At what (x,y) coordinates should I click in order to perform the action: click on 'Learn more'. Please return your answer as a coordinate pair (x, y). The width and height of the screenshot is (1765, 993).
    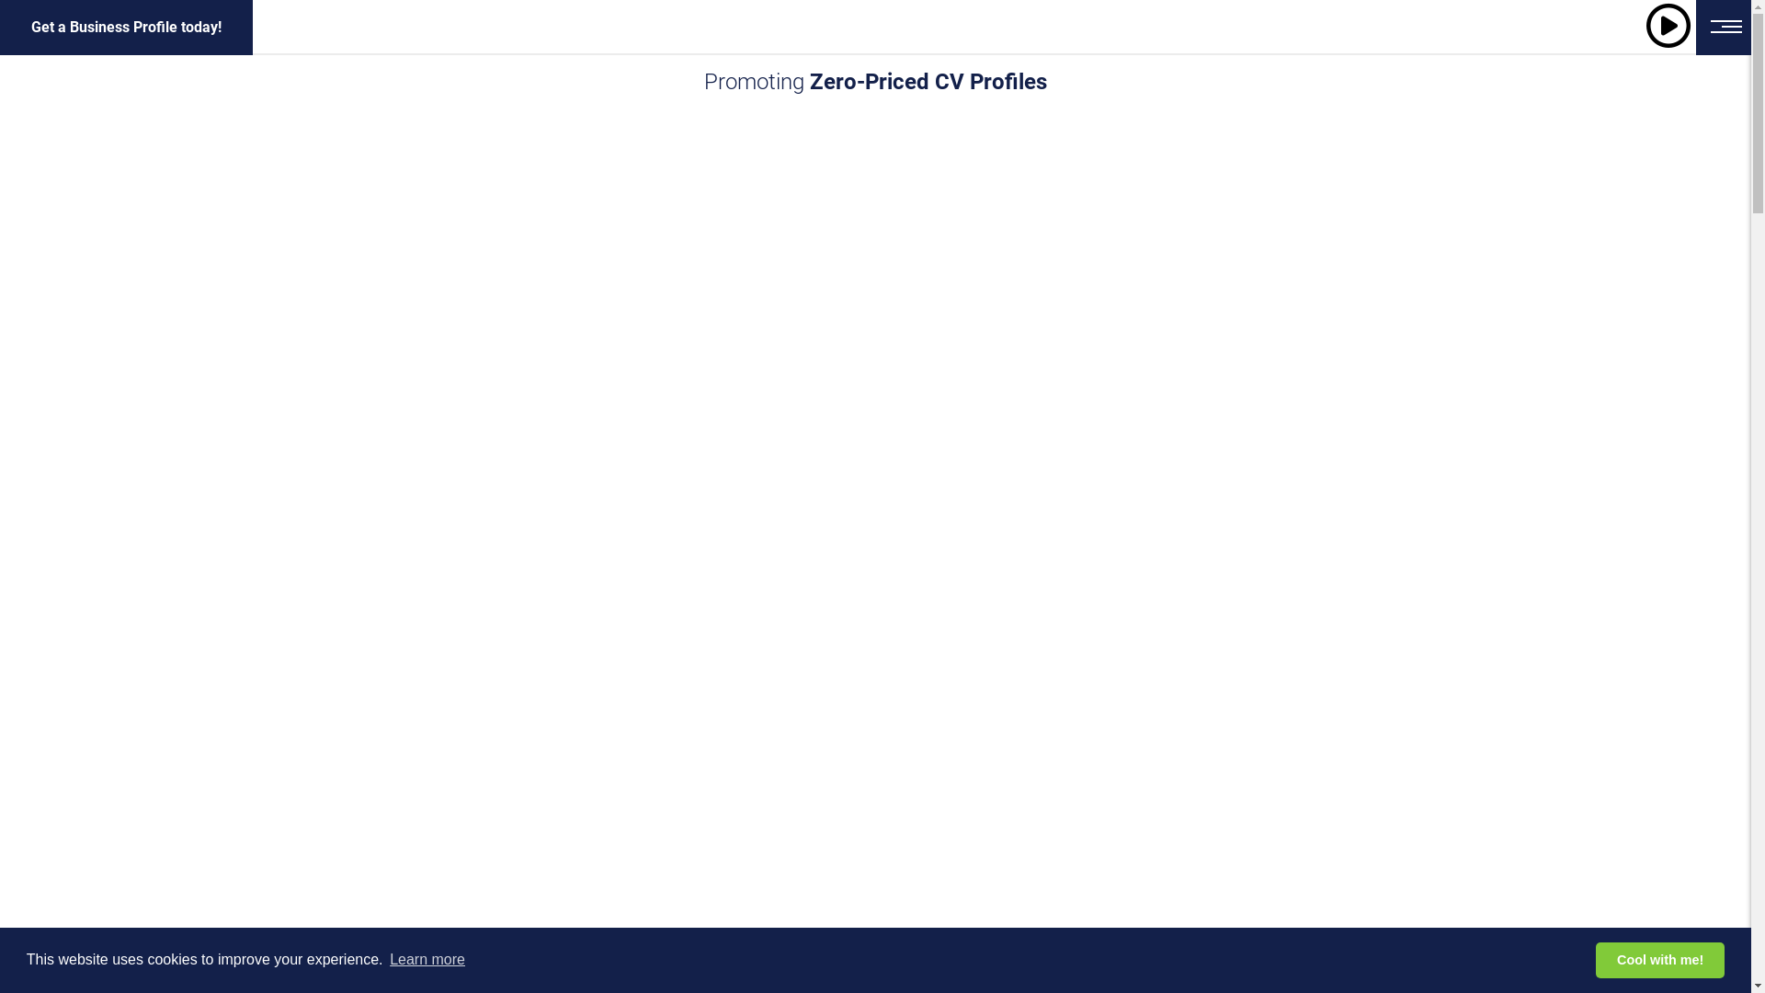
    Looking at the image, I should click on (427, 959).